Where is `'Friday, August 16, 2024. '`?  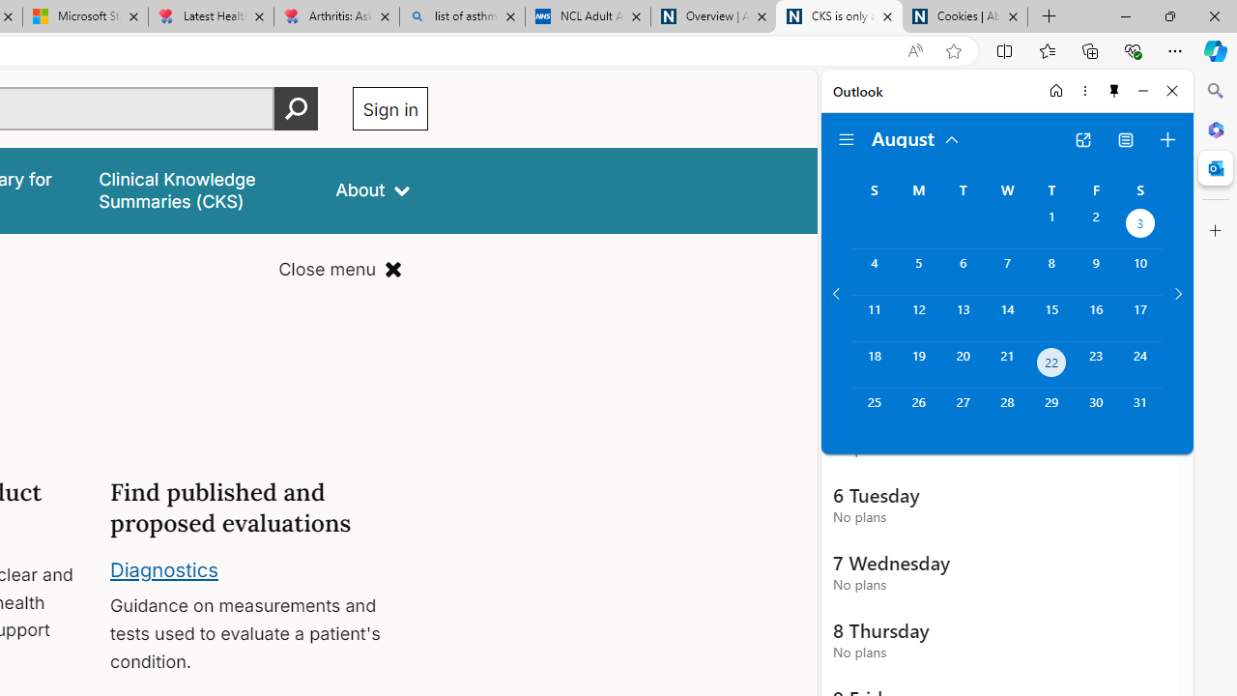
'Friday, August 16, 2024. ' is located at coordinates (1096, 317).